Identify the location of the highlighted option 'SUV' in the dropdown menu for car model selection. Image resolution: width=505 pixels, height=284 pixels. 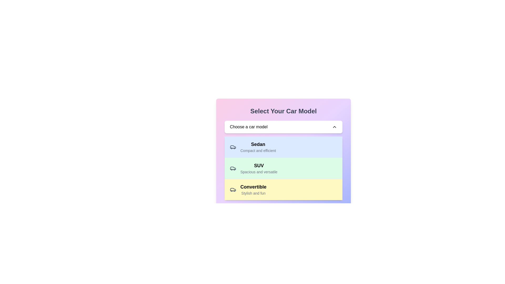
(283, 168).